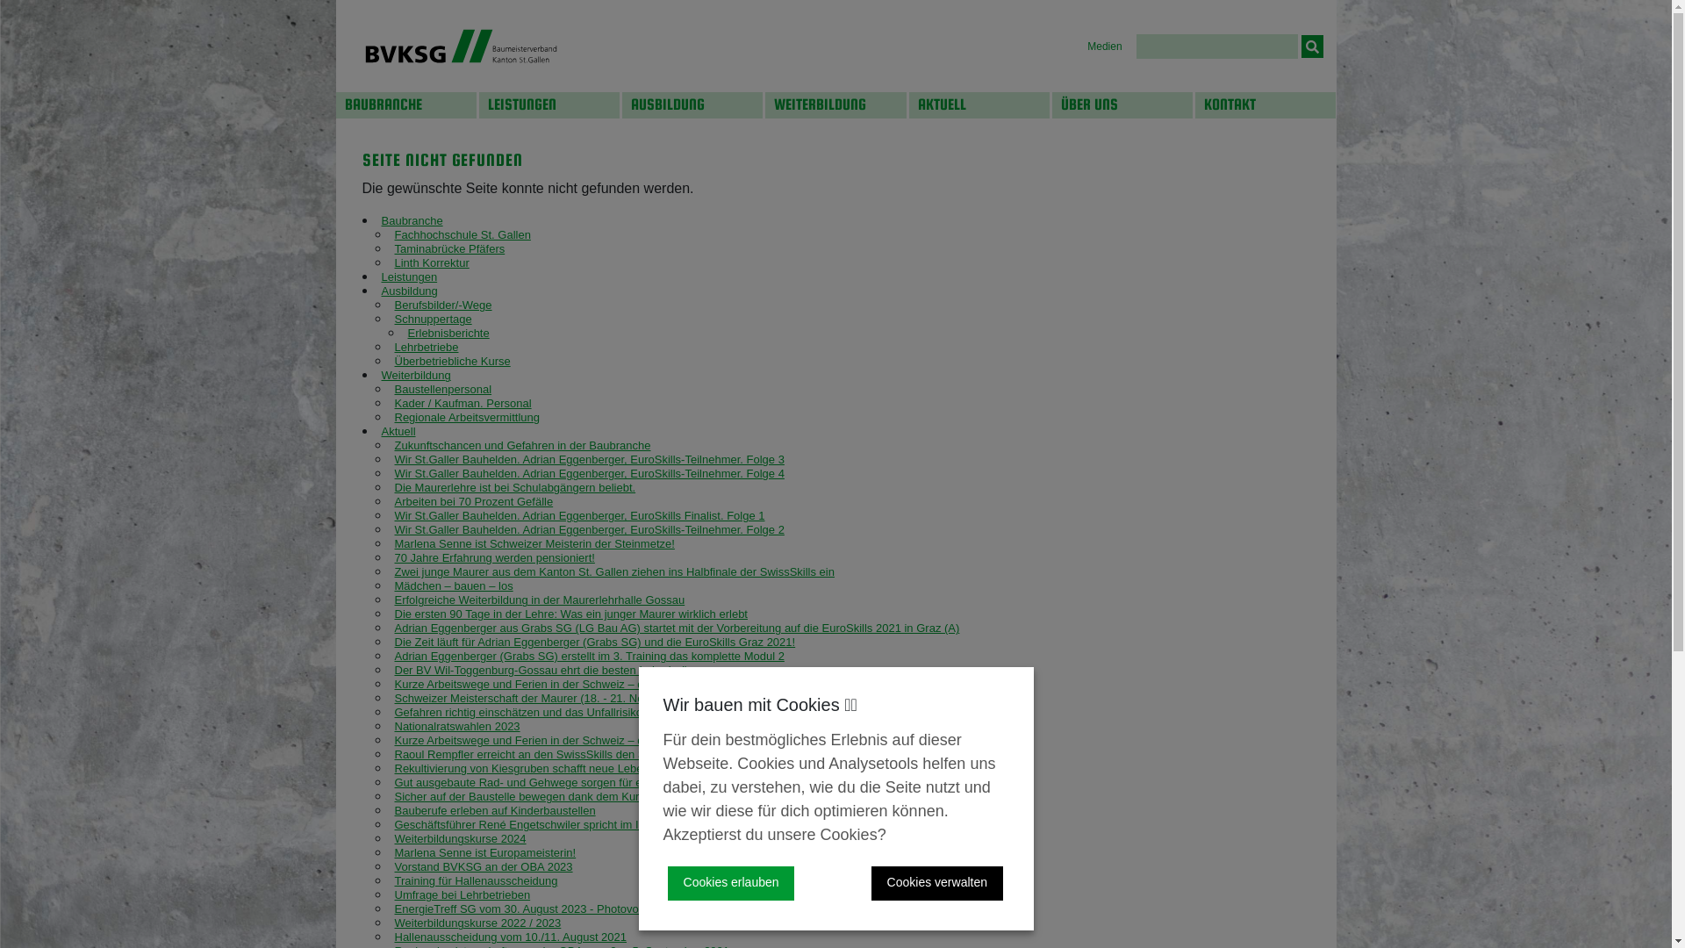 The height and width of the screenshot is (948, 1685). What do you see at coordinates (534, 542) in the screenshot?
I see `'Marlena Senne ist Schweizer Meisterin der Steinmetze!'` at bounding box center [534, 542].